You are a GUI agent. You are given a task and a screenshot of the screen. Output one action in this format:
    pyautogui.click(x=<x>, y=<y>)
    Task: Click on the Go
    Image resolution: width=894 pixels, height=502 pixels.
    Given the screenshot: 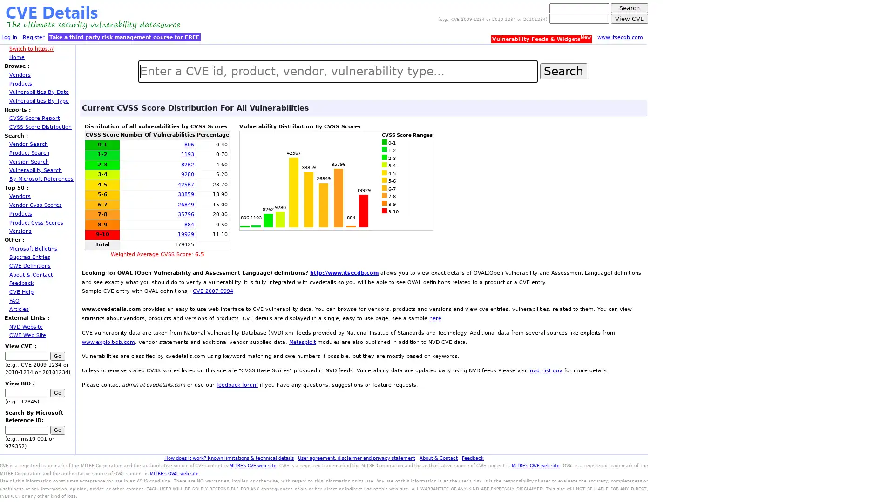 What is the action you would take?
    pyautogui.click(x=57, y=429)
    